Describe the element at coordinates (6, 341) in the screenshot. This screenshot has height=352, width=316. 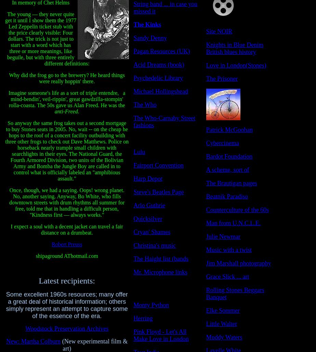
I see `'New:'` at that location.